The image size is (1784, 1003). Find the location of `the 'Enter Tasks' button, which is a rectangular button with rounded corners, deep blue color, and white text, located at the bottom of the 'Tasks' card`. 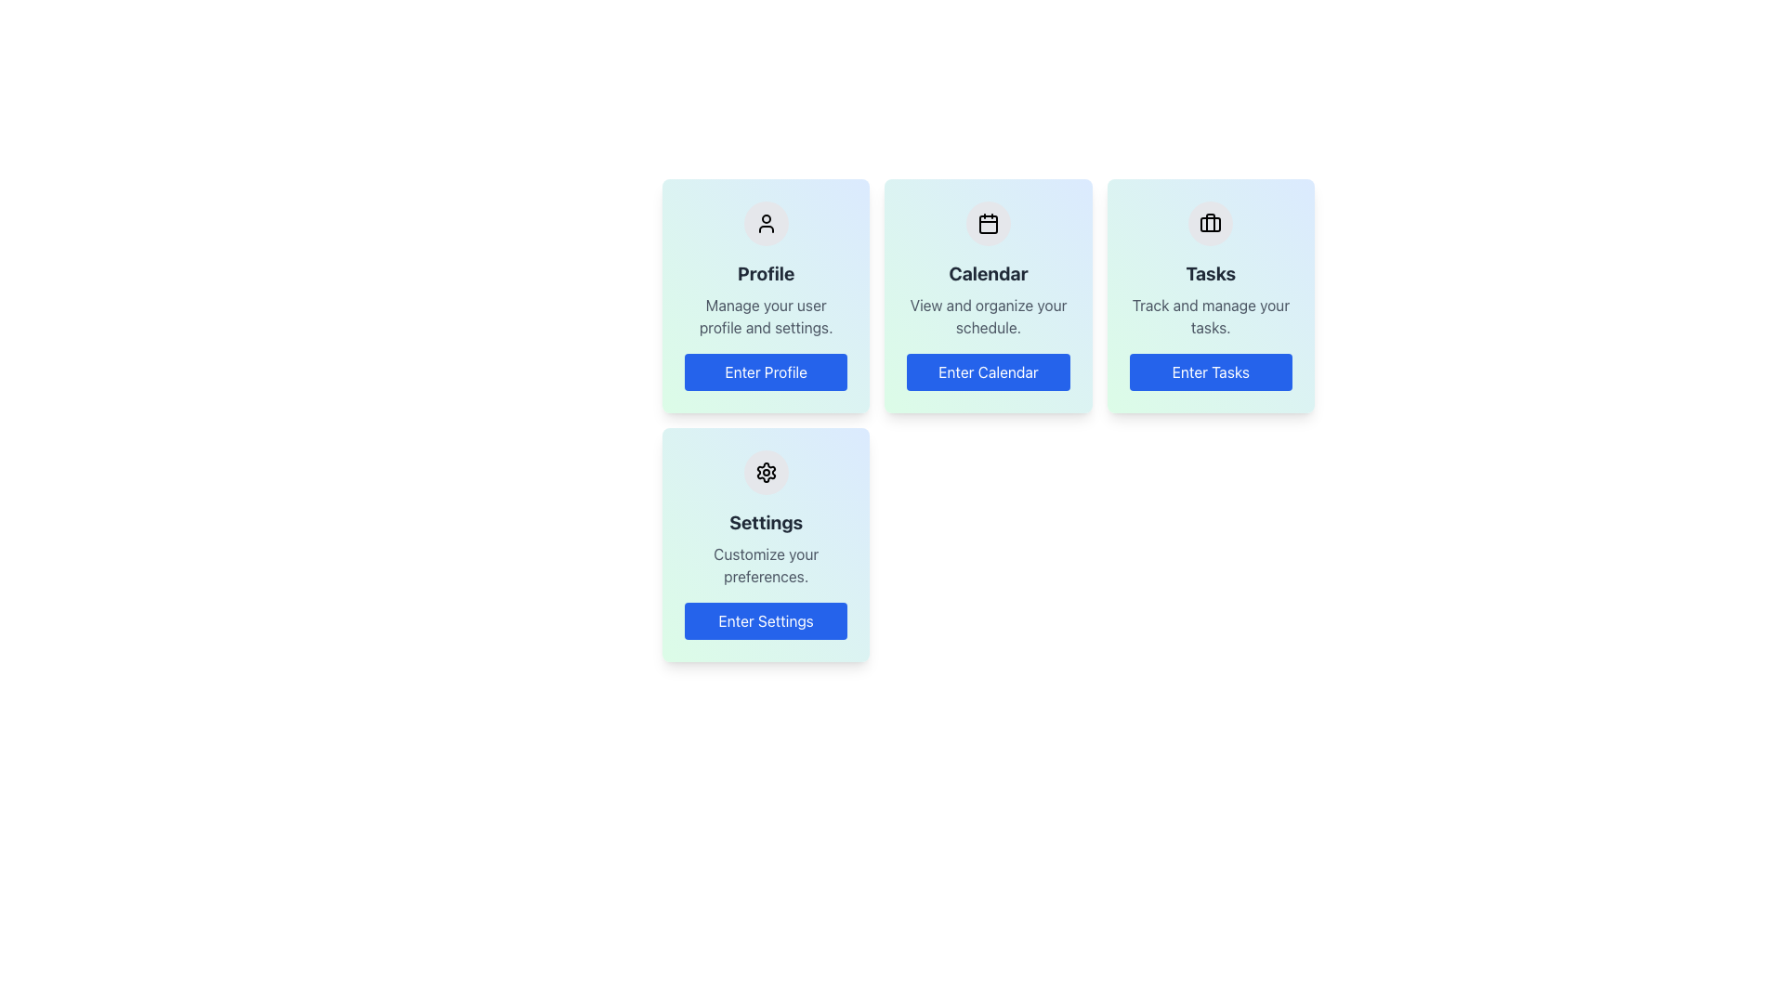

the 'Enter Tasks' button, which is a rectangular button with rounded corners, deep blue color, and white text, located at the bottom of the 'Tasks' card is located at coordinates (1211, 372).